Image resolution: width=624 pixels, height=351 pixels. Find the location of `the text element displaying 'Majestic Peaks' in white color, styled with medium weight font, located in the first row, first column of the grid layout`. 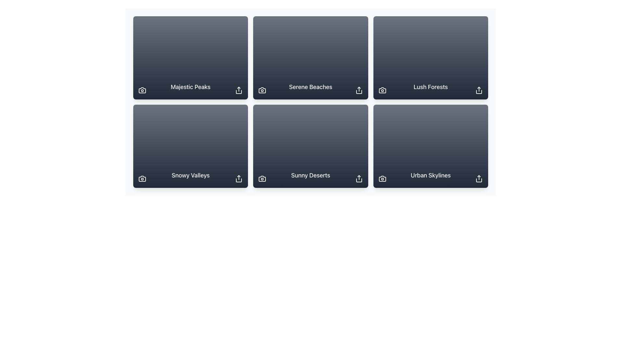

the text element displaying 'Majestic Peaks' in white color, styled with medium weight font, located in the first row, first column of the grid layout is located at coordinates (190, 86).